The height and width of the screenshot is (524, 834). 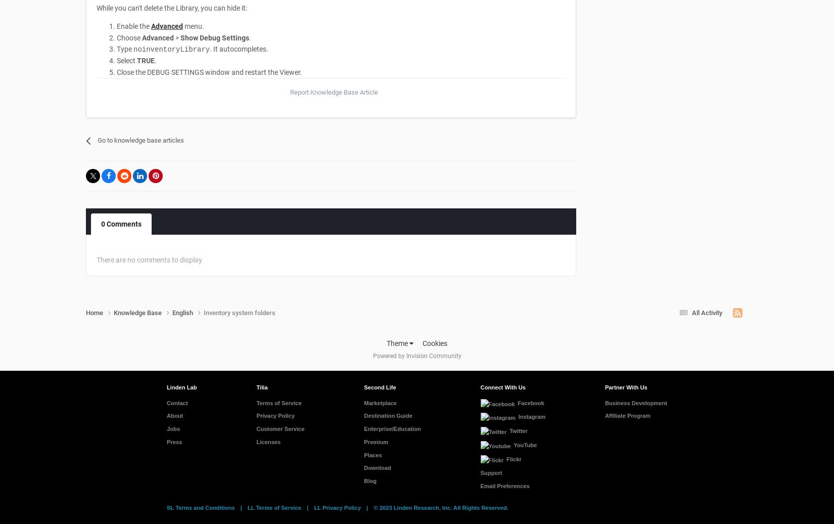 I want to click on '. It autocompletes.', so click(x=239, y=49).